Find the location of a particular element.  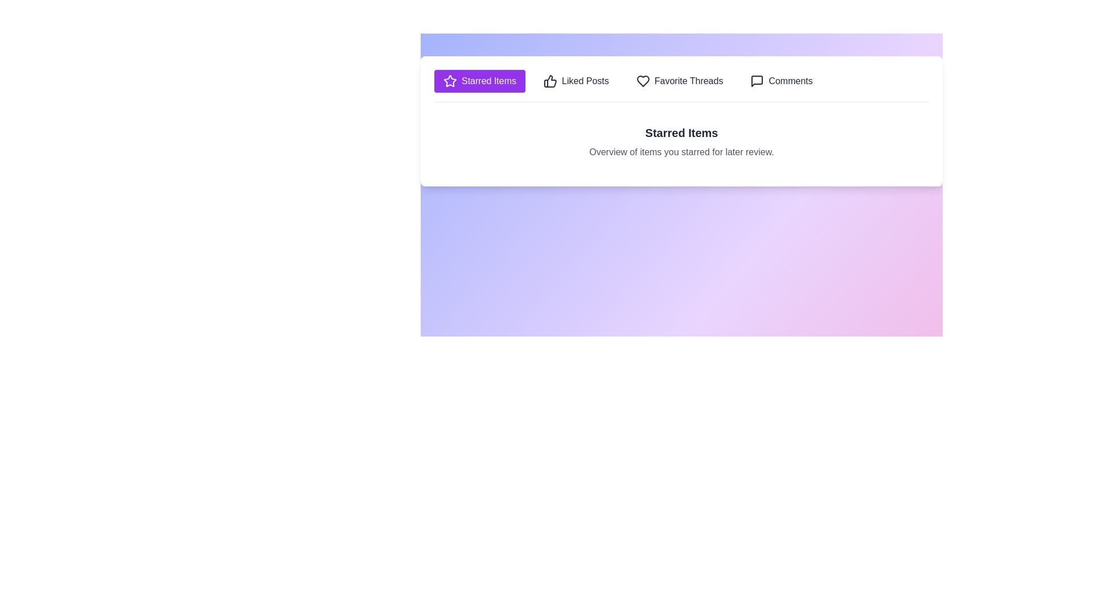

the tab labeled Liked Posts is located at coordinates (576, 80).